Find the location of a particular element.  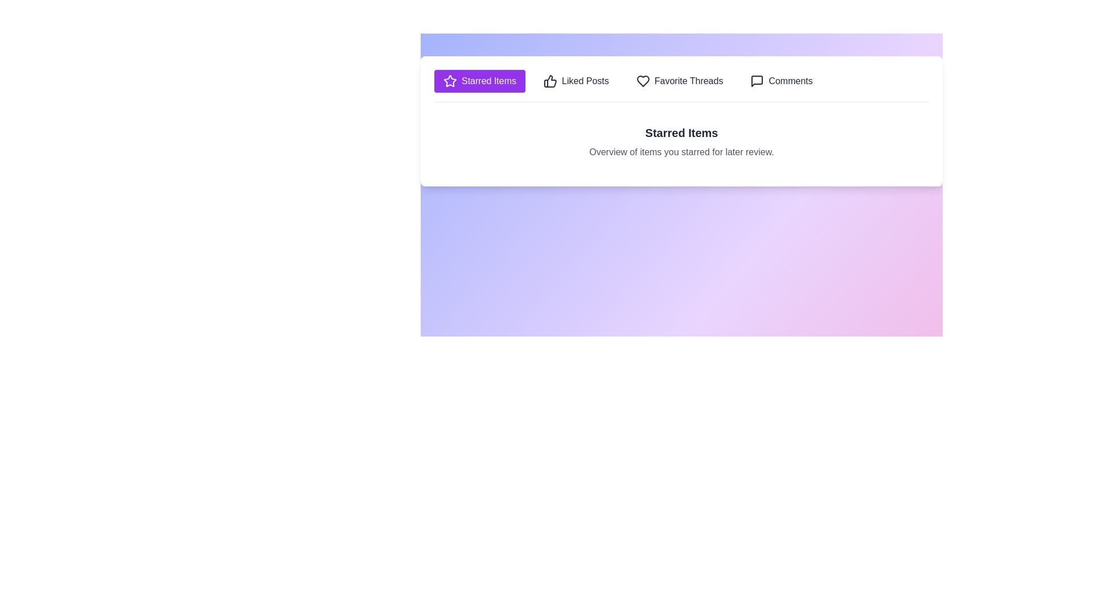

the tab labeled Liked Posts is located at coordinates (576, 80).